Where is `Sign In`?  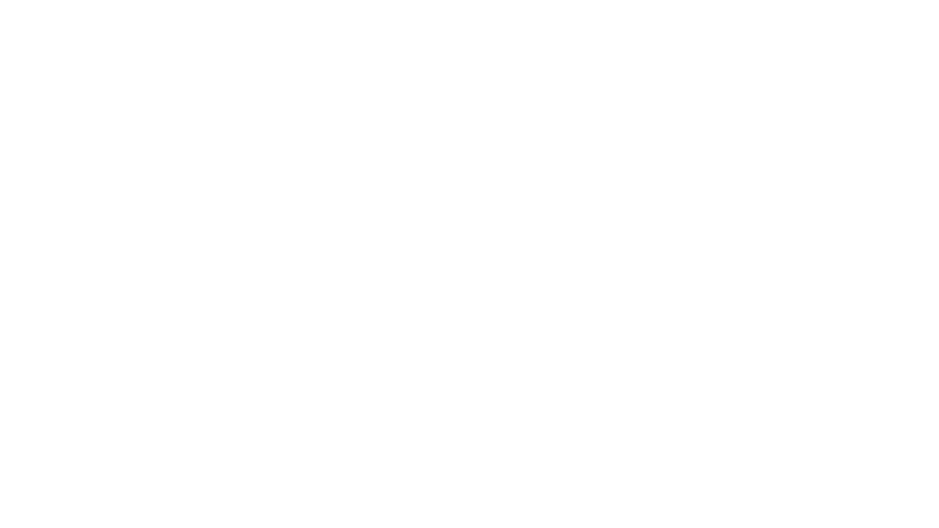
Sign In is located at coordinates (217, 190).